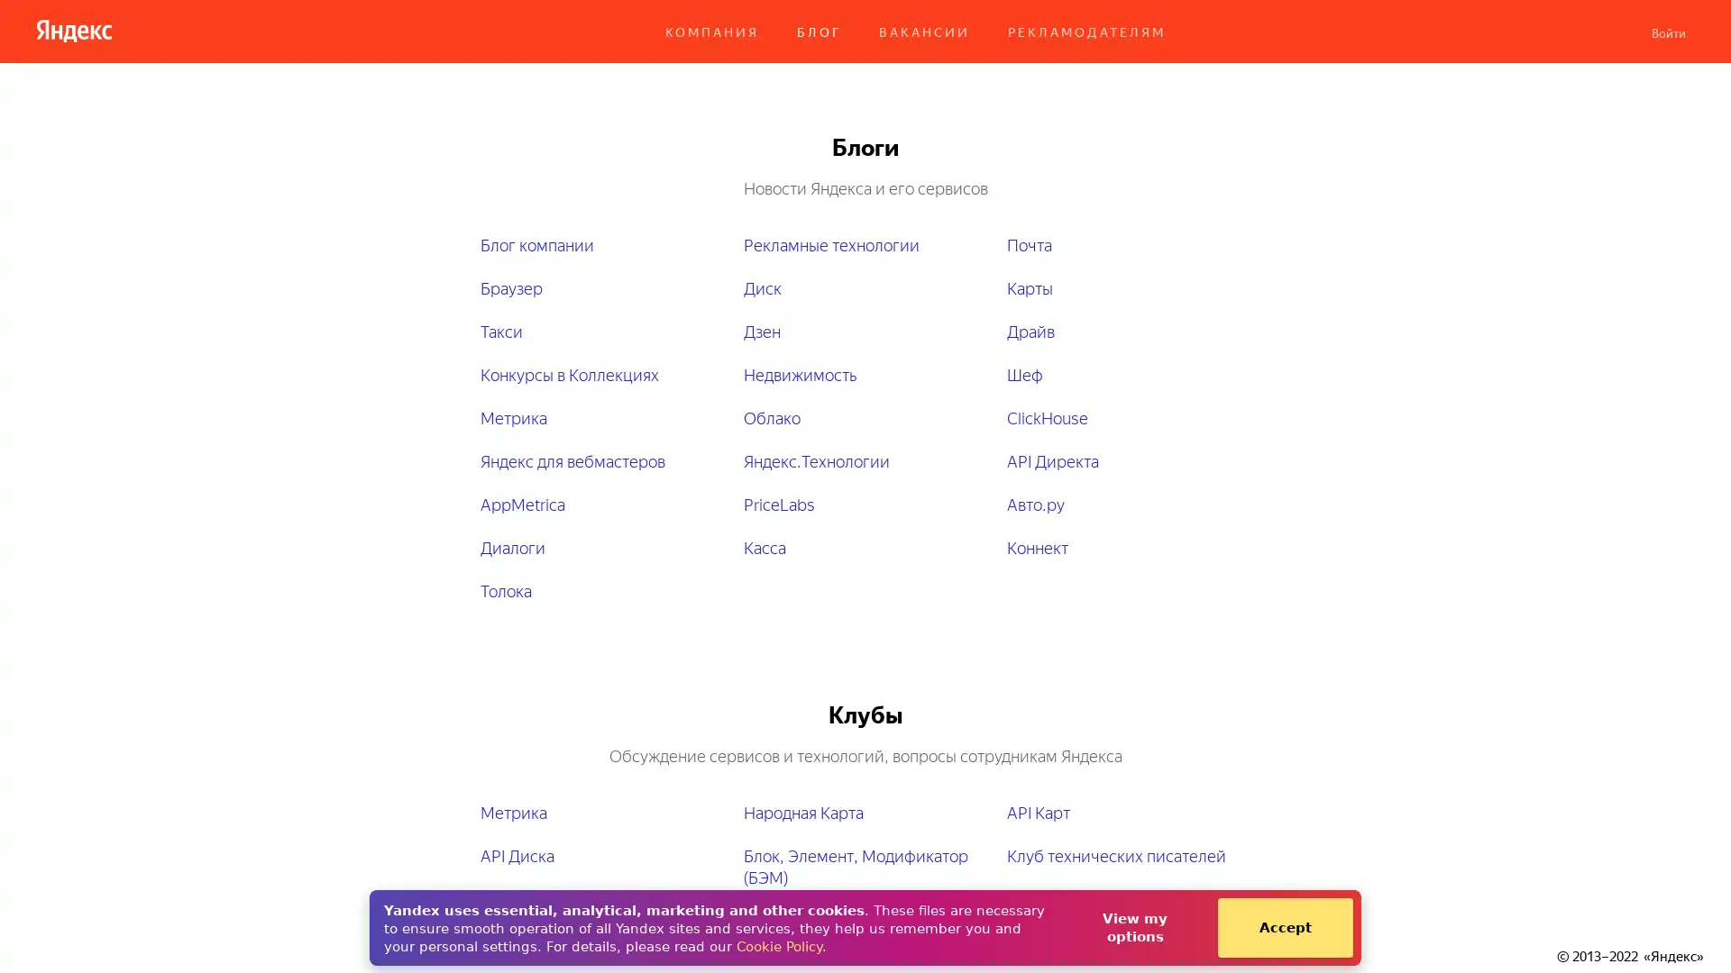 This screenshot has height=973, width=1731. What do you see at coordinates (1133, 927) in the screenshot?
I see `View my options` at bounding box center [1133, 927].